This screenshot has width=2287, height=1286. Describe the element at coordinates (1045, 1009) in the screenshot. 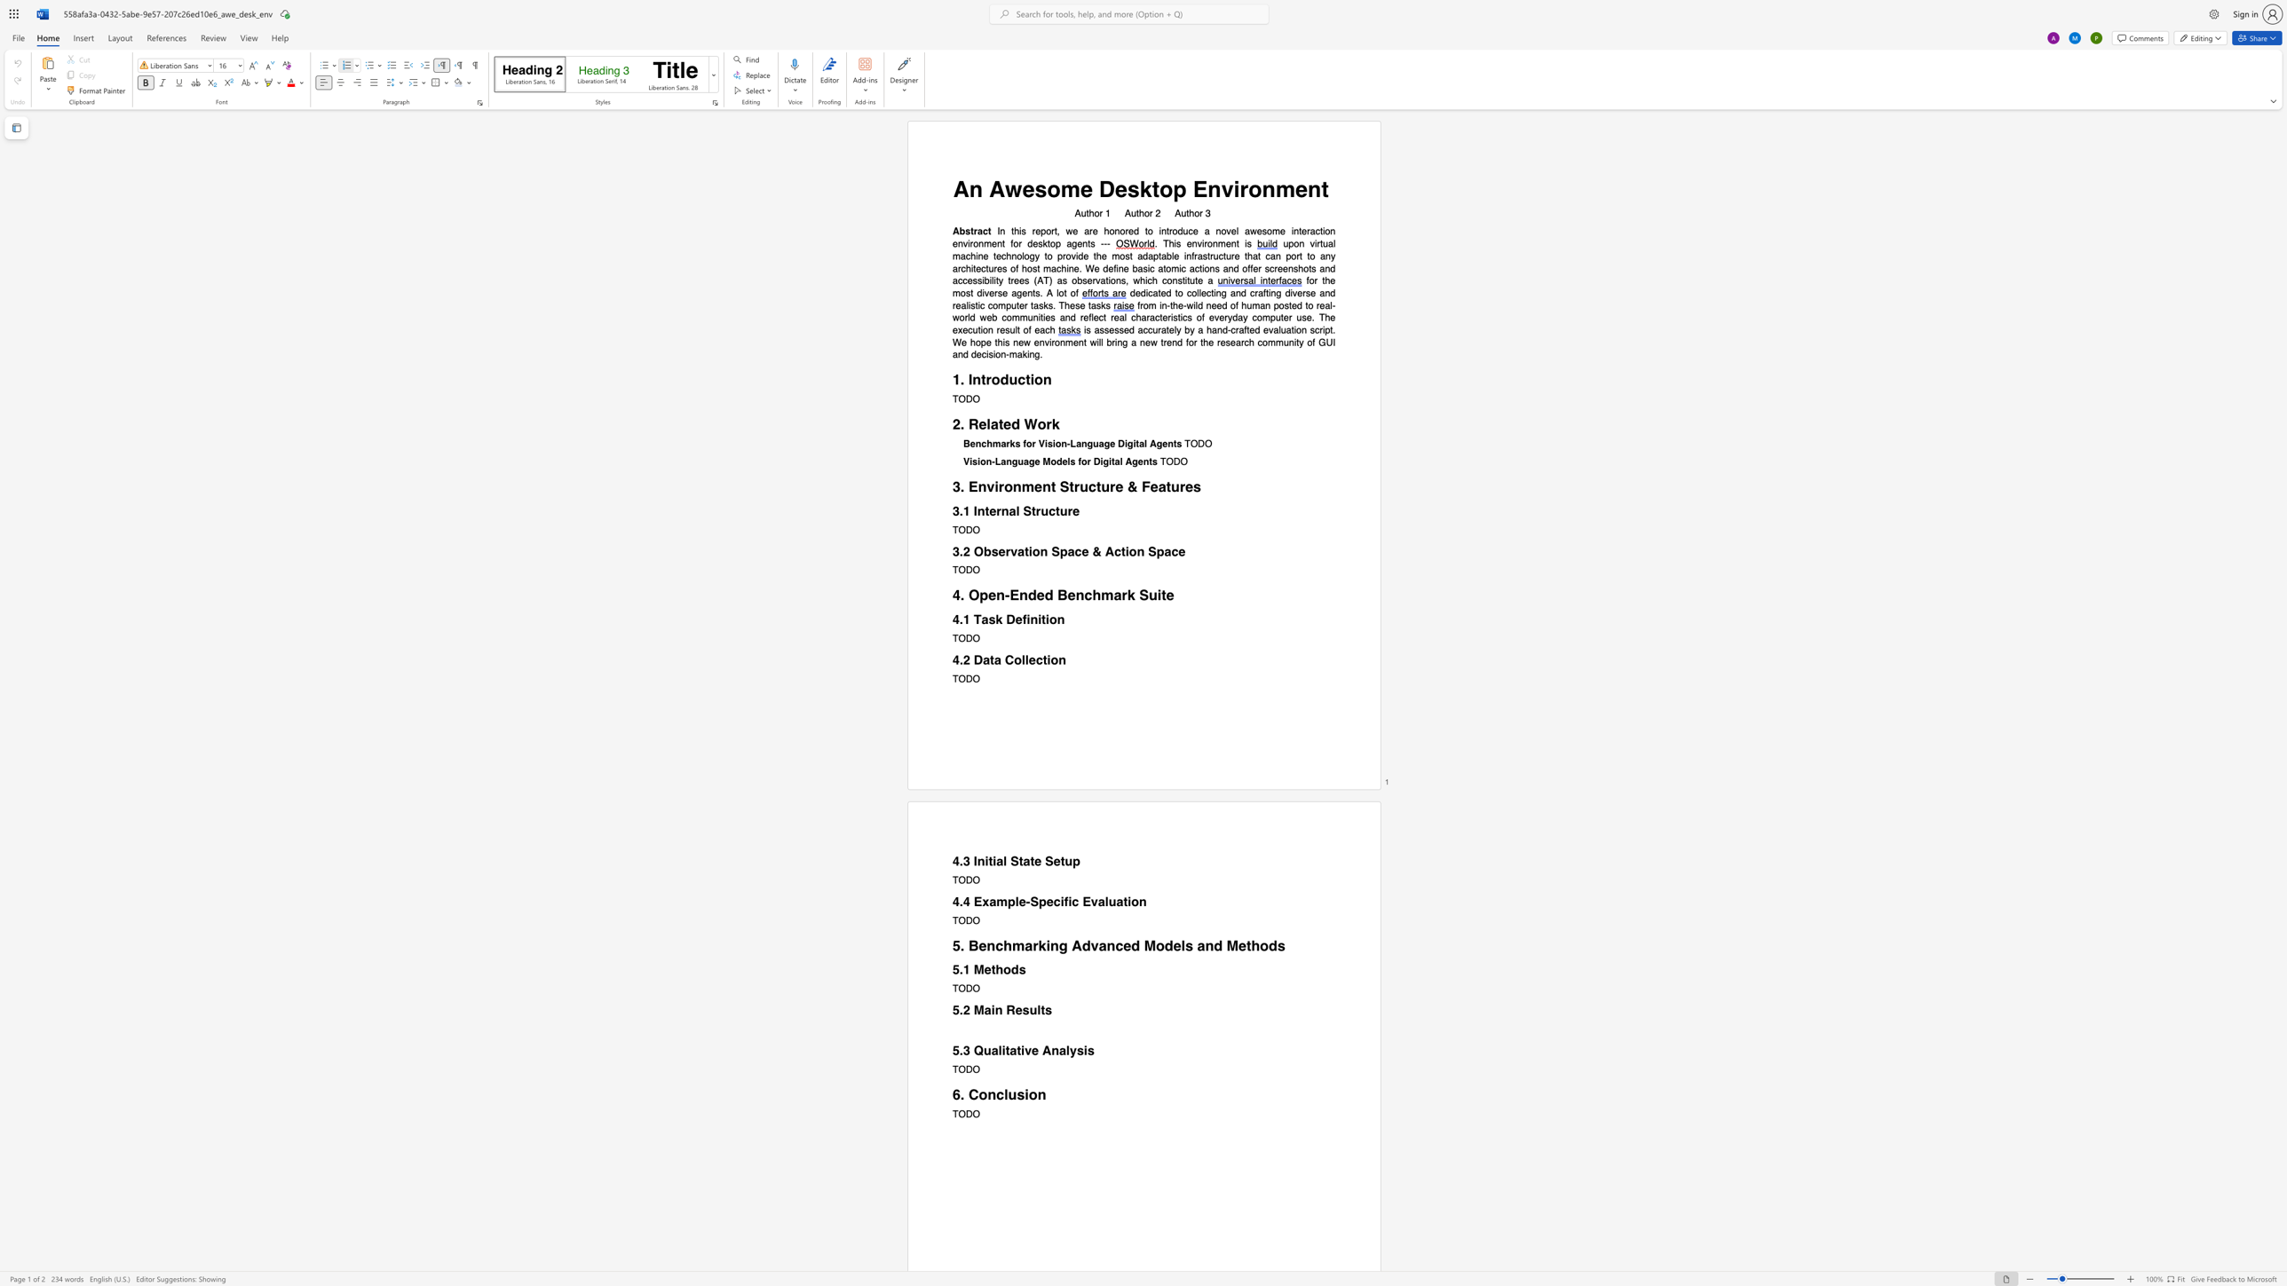

I see `the space between the continuous character "t" and "s" in the text` at that location.